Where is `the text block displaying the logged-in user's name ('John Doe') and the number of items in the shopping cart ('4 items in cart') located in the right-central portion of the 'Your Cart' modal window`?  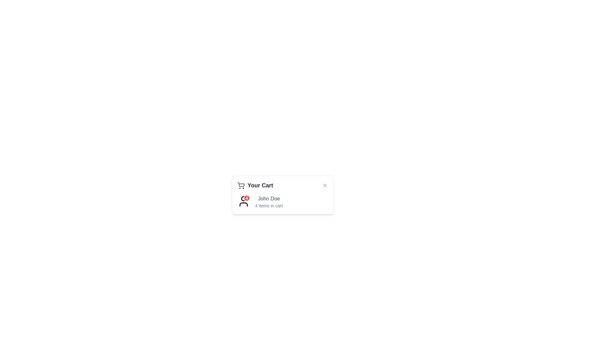 the text block displaying the logged-in user's name ('John Doe') and the number of items in the shopping cart ('4 items in cart') located in the right-central portion of the 'Your Cart' modal window is located at coordinates (269, 202).